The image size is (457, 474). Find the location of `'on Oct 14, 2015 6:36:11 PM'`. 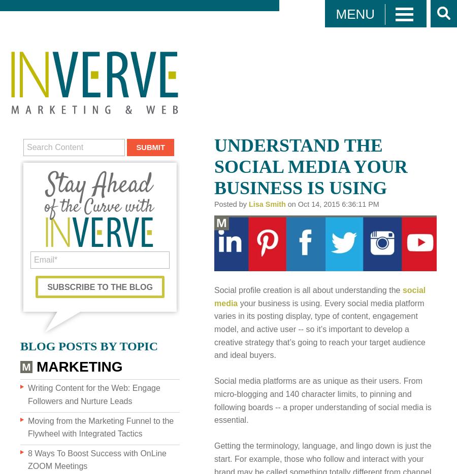

'on Oct 14, 2015 6:36:11 PM' is located at coordinates (332, 204).